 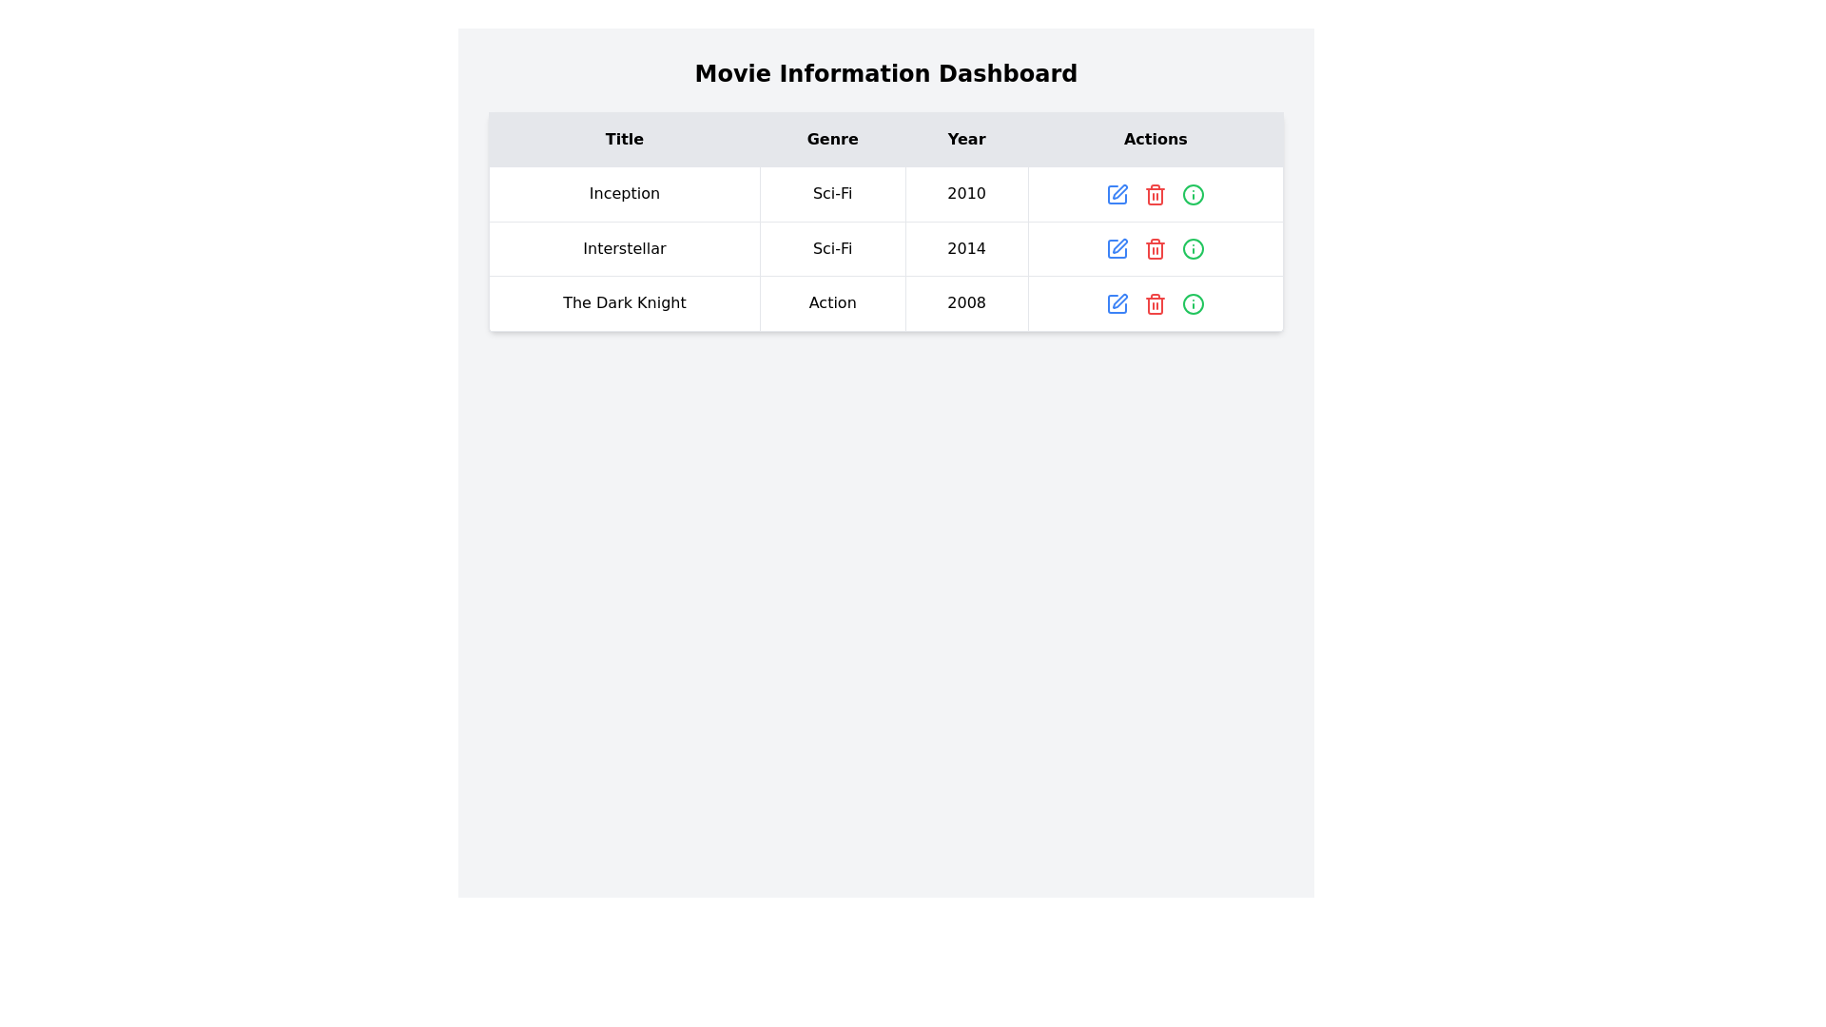 What do you see at coordinates (1155, 302) in the screenshot?
I see `the delete button located in the rightmost column of the third row of actions in the table` at bounding box center [1155, 302].